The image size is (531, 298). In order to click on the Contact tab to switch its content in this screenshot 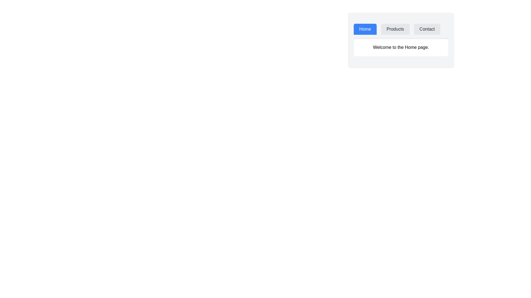, I will do `click(427, 29)`.